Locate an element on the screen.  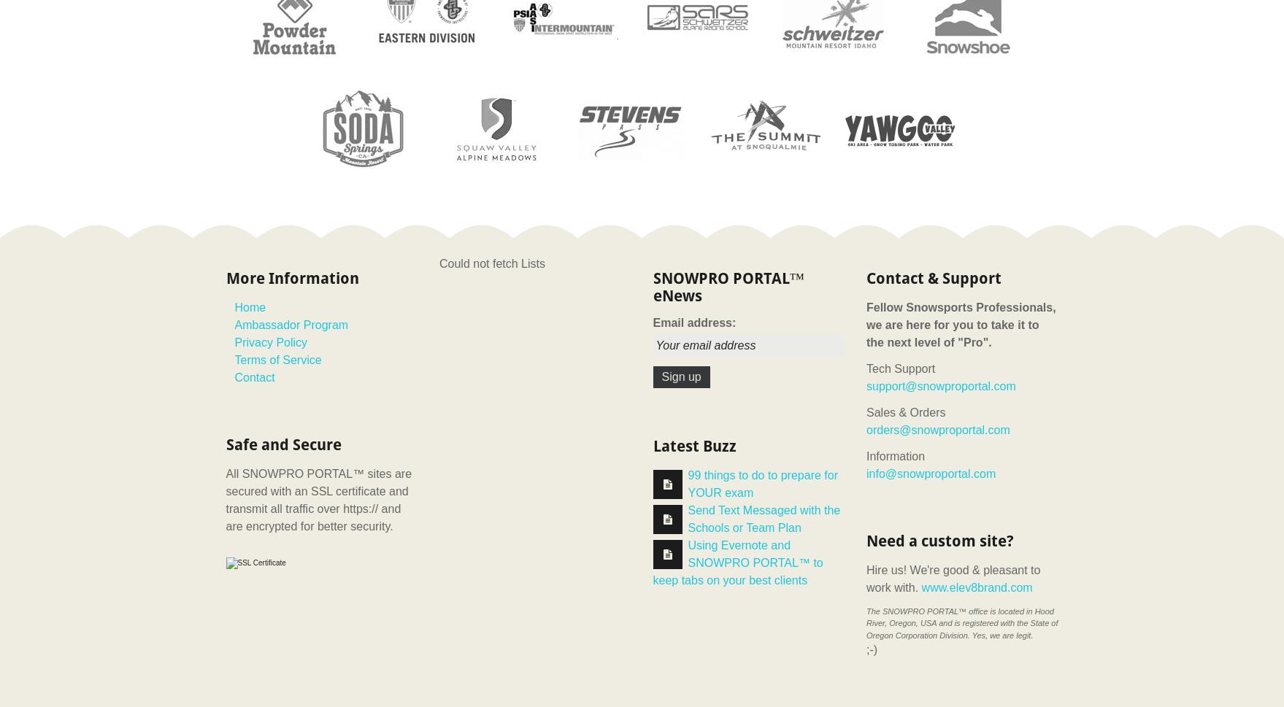
'support@snowproportal.com' is located at coordinates (939, 385).